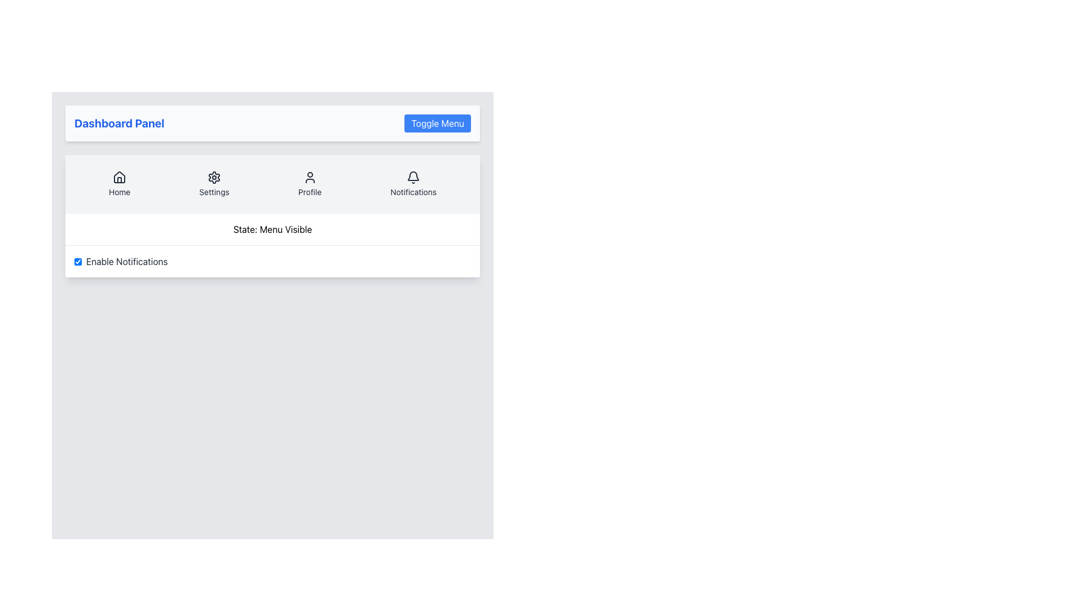  Describe the element at coordinates (272, 184) in the screenshot. I see `the navigation bar icons labeled 'Home', 'Settings', 'Profile', and 'Notifications' to trigger their hover styles` at that location.